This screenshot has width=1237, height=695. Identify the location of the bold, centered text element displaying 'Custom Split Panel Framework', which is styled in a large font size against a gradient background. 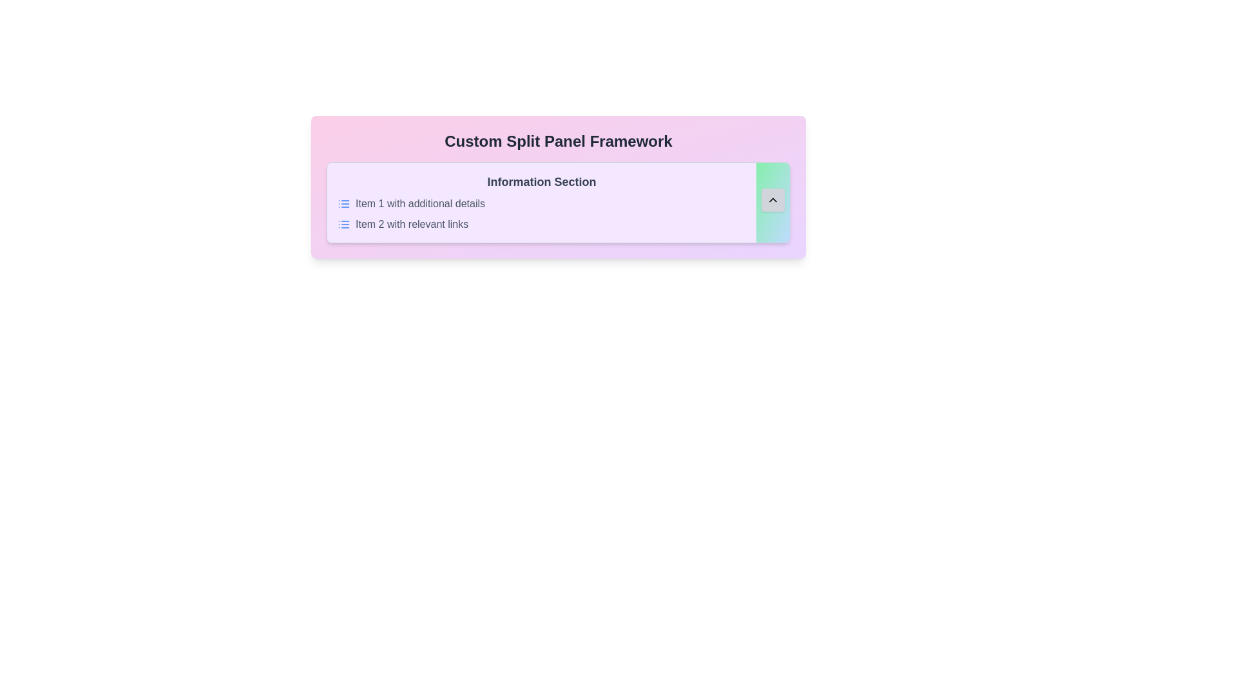
(559, 141).